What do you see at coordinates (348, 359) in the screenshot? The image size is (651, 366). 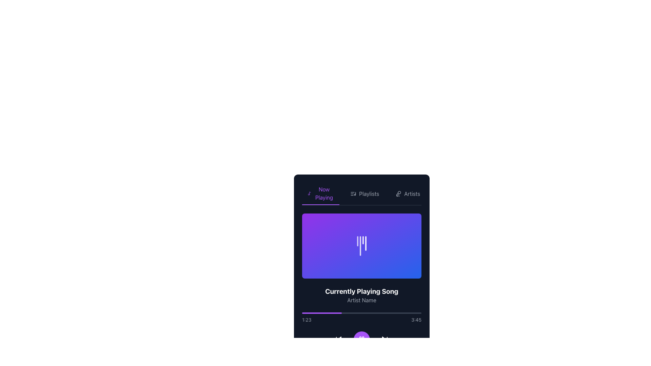 I see `the progress bar indicator located beneath the title 'Currently Playing Song', which visually represents the playback progress of a media track` at bounding box center [348, 359].